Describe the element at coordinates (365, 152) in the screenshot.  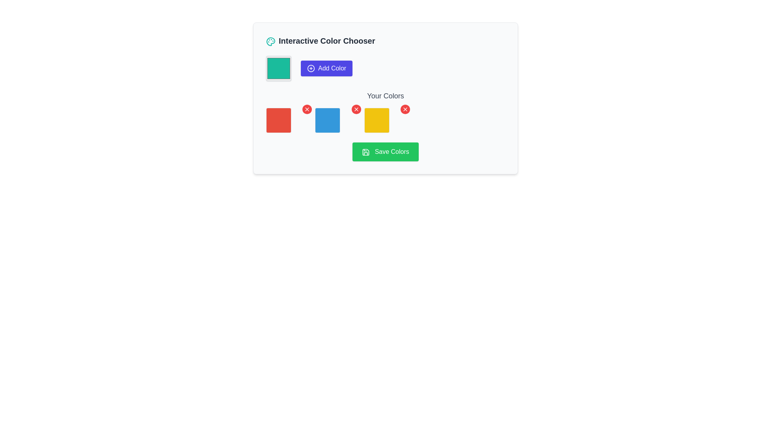
I see `the save icon located to the left of the 'Save Colors' text within the green button` at that location.